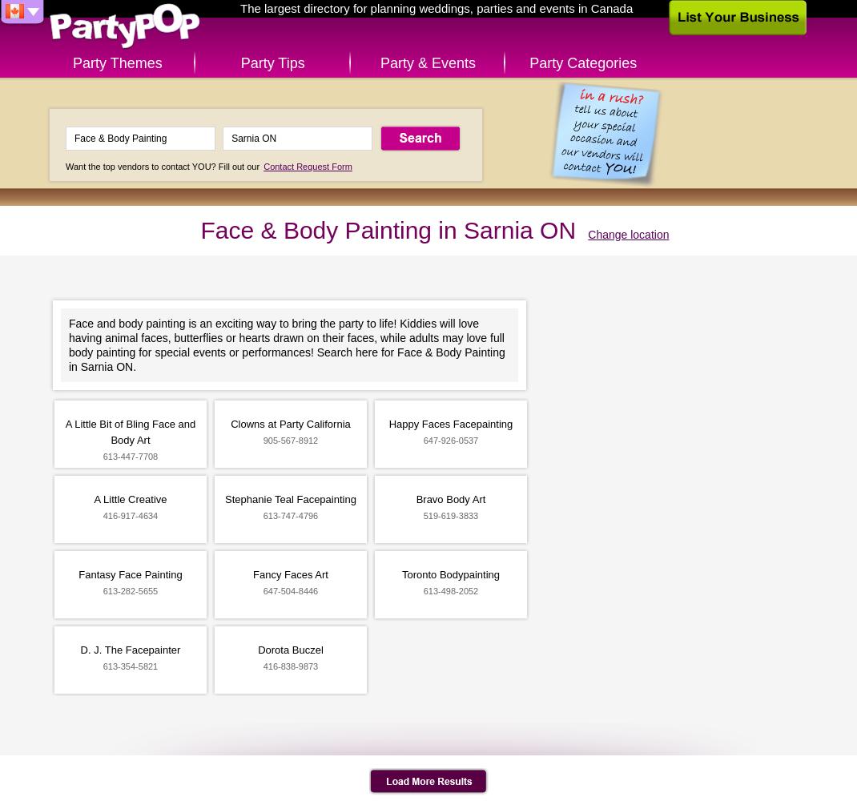  I want to click on '416-917-4634', so click(130, 516).